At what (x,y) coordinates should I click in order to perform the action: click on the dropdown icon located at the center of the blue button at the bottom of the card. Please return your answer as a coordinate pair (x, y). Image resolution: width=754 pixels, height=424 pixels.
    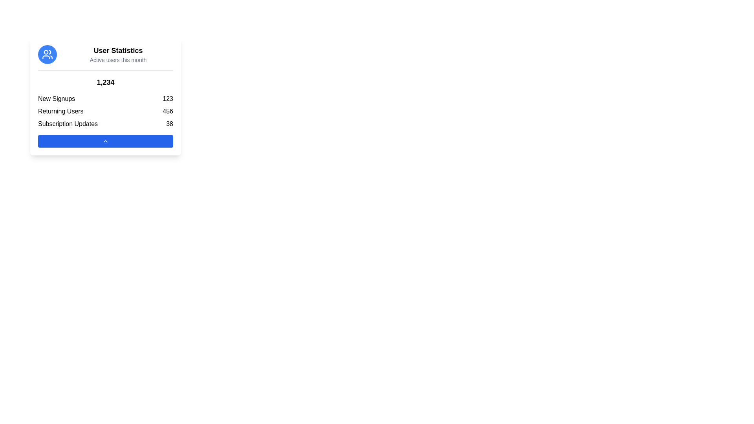
    Looking at the image, I should click on (105, 141).